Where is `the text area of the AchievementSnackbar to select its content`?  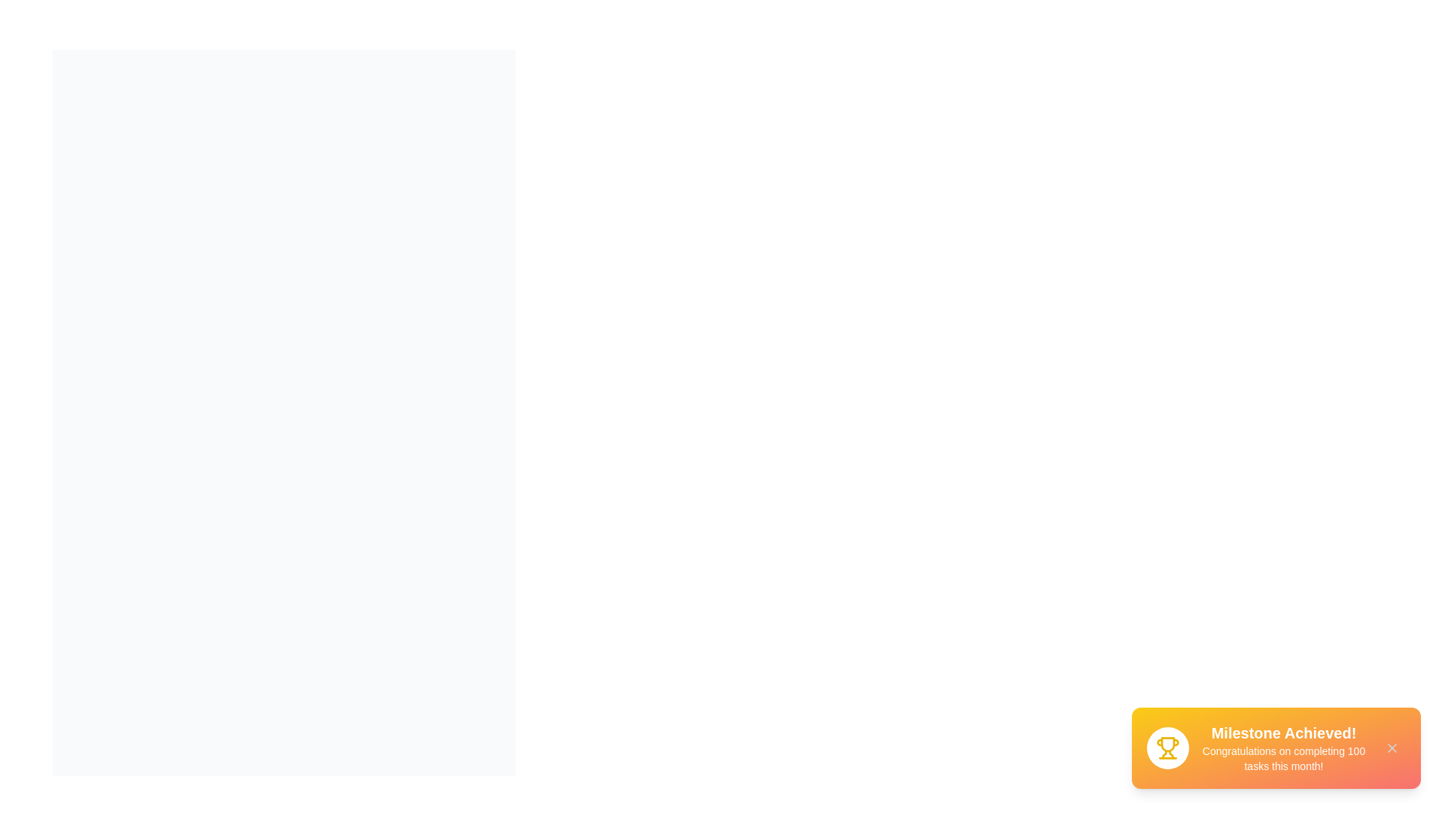 the text area of the AchievementSnackbar to select its content is located at coordinates (1282, 748).